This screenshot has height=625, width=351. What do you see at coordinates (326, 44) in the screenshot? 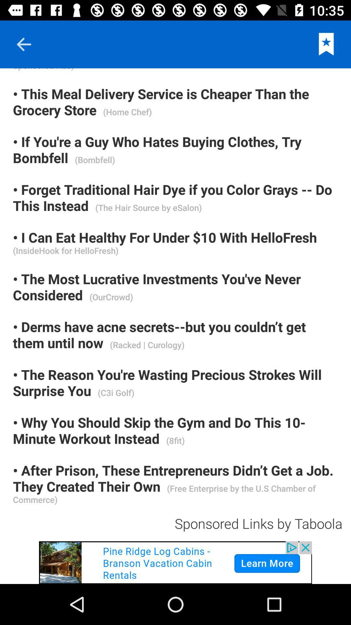
I see `open bookmarks` at bounding box center [326, 44].